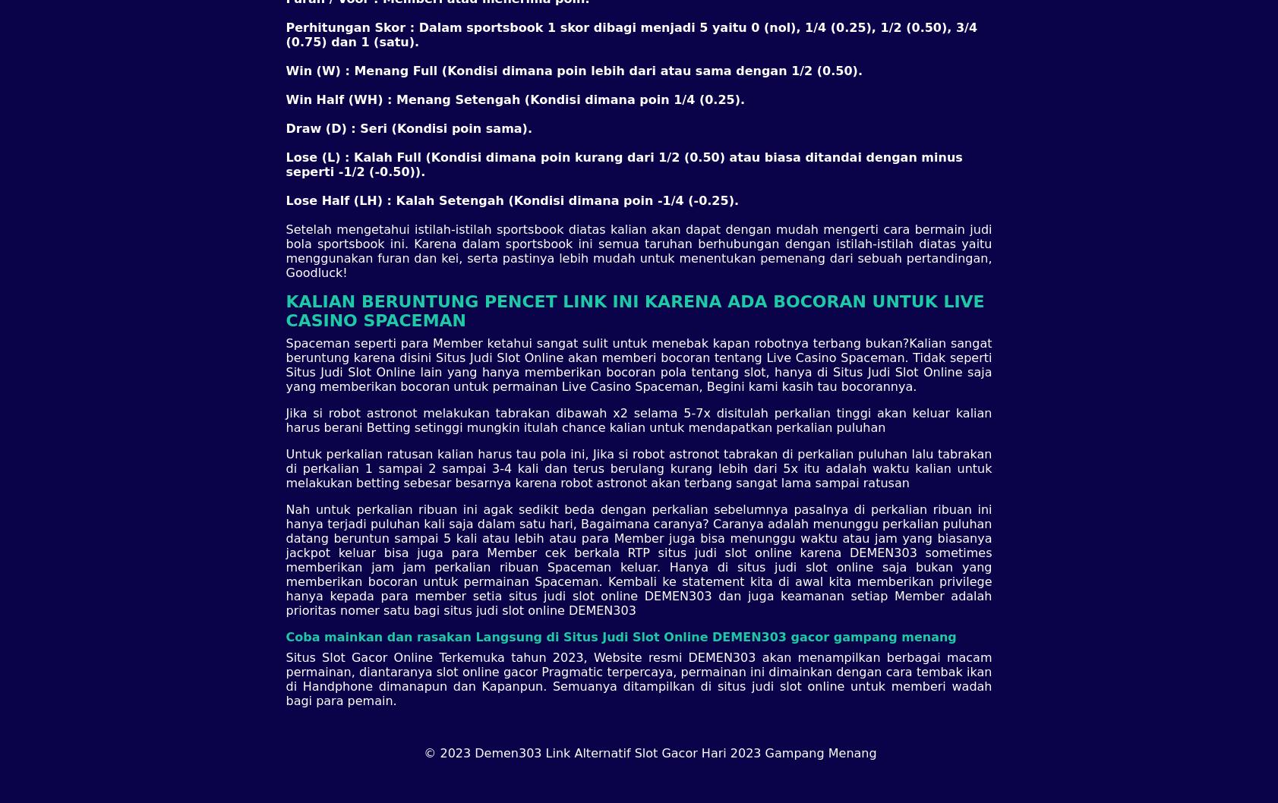  Describe the element at coordinates (649, 751) in the screenshot. I see `'© 2023 Demen303 Link Alternatif Slot Gacor Hari 2023 Gampang Menang'` at that location.